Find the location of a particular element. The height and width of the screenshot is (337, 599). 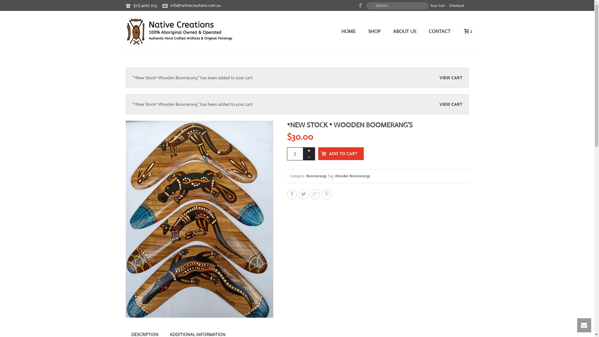

'Checkout' is located at coordinates (456, 6).